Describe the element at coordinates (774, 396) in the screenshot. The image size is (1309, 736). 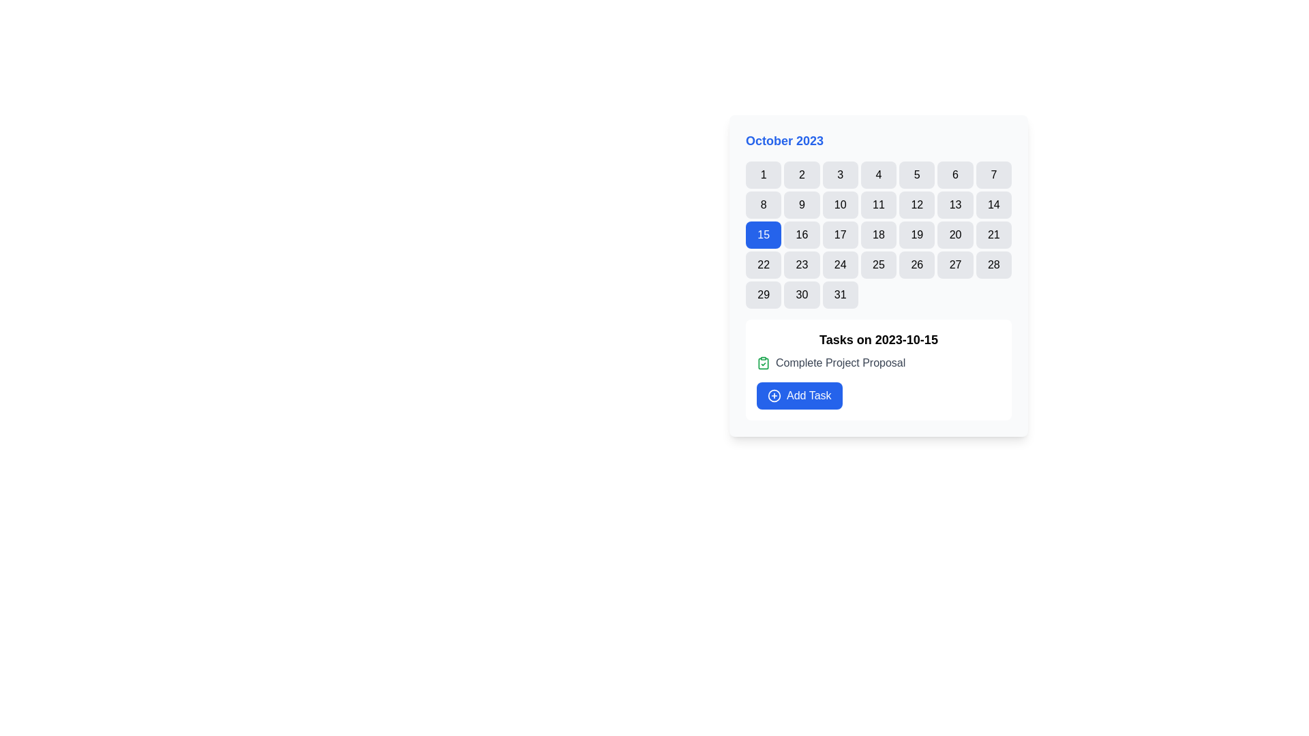
I see `the central circular component of the 'Add Task' button located below the date label 'Tasks on 2023-10-15.'` at that location.